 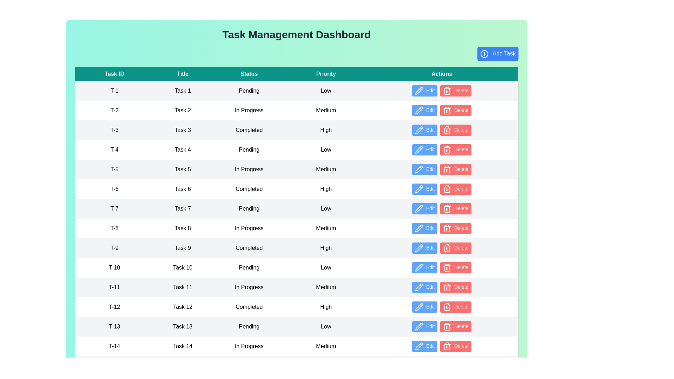 I want to click on the 'Edit' button in the Actions column for the specified task, so click(x=424, y=90).